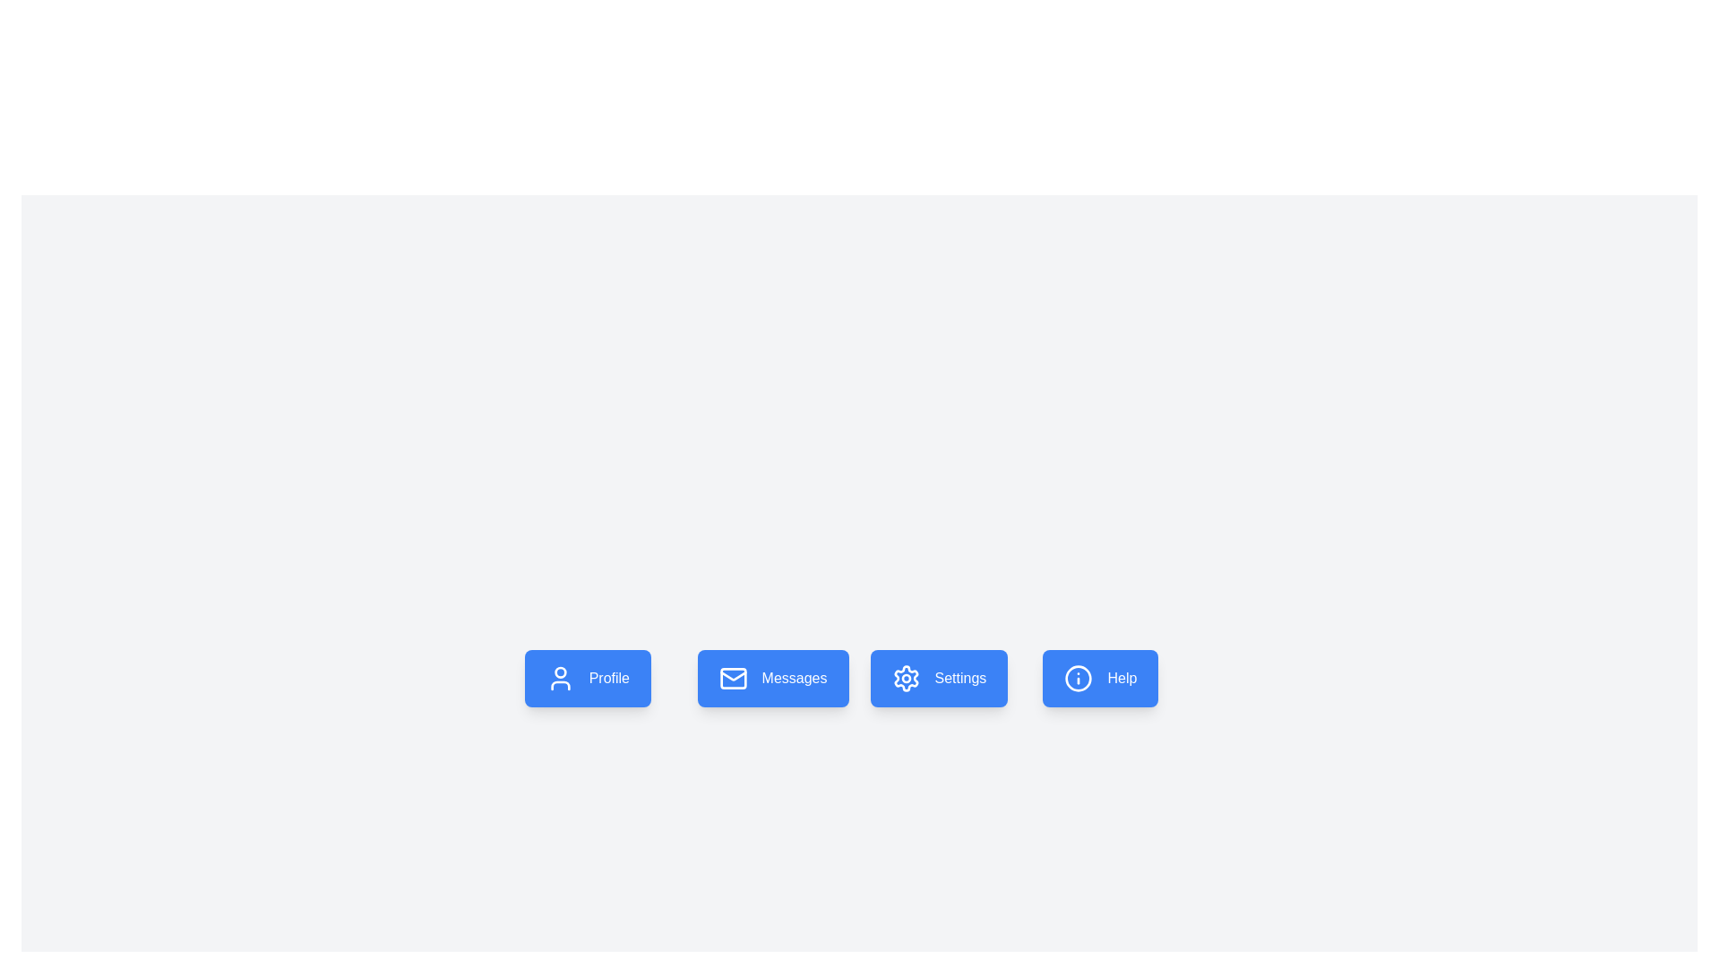 The width and height of the screenshot is (1720, 967). I want to click on the circular informational icon that is the leftmost component of the 'Help' button, which is the fourth button in a horizontal row of uniformly styled buttons, so click(1078, 679).